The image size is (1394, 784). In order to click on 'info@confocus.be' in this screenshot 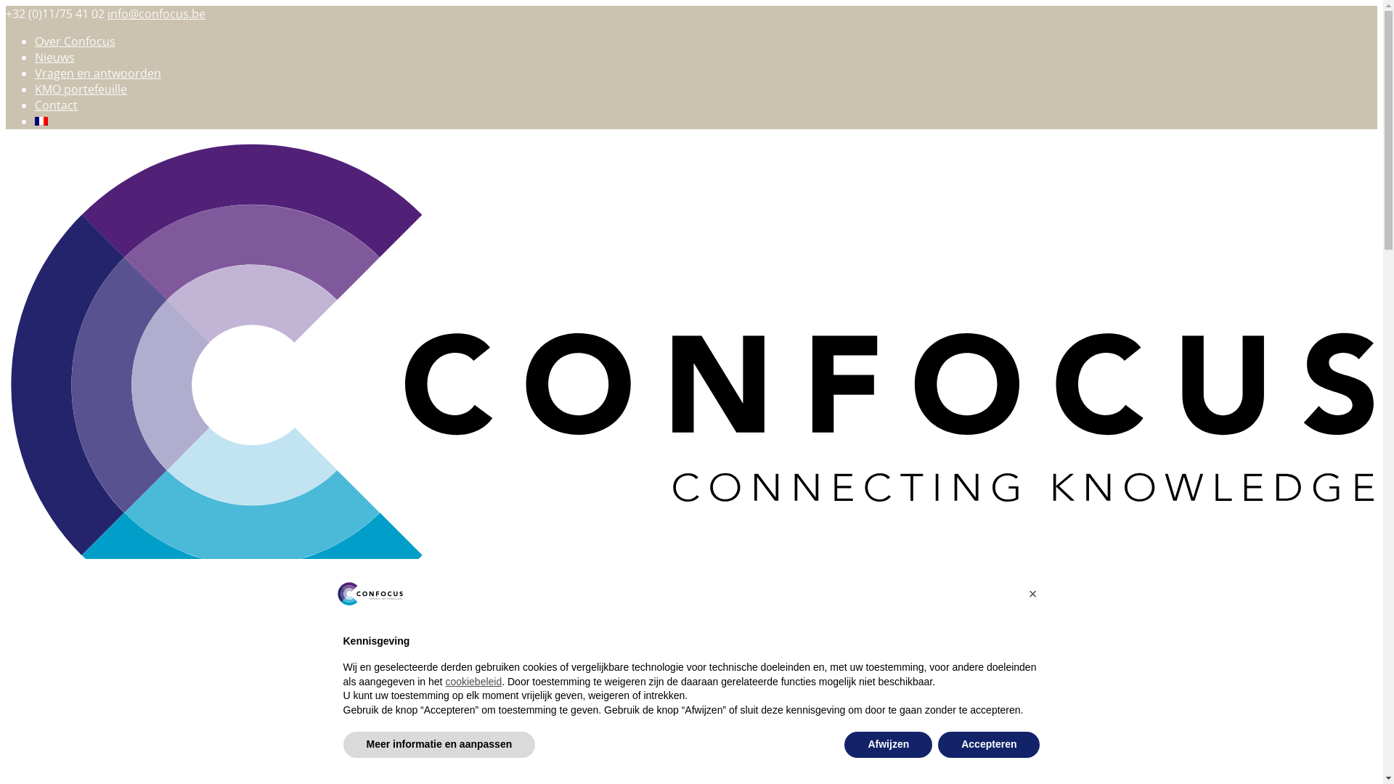, I will do `click(107, 14)`.